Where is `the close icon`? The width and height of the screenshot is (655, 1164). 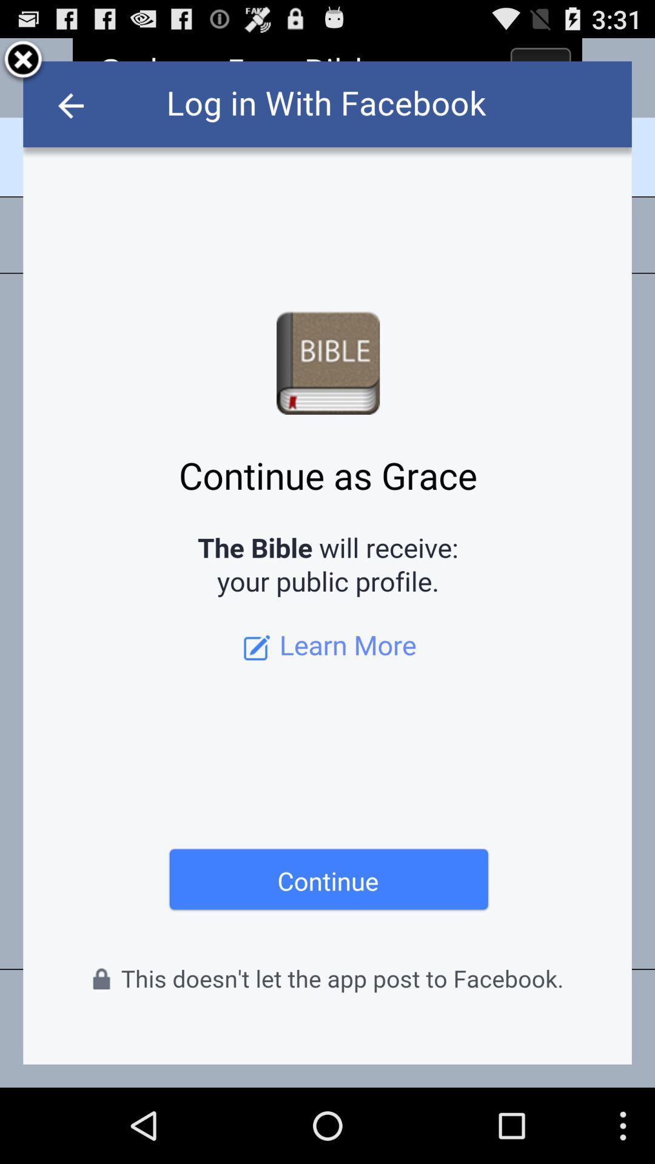
the close icon is located at coordinates (23, 65).